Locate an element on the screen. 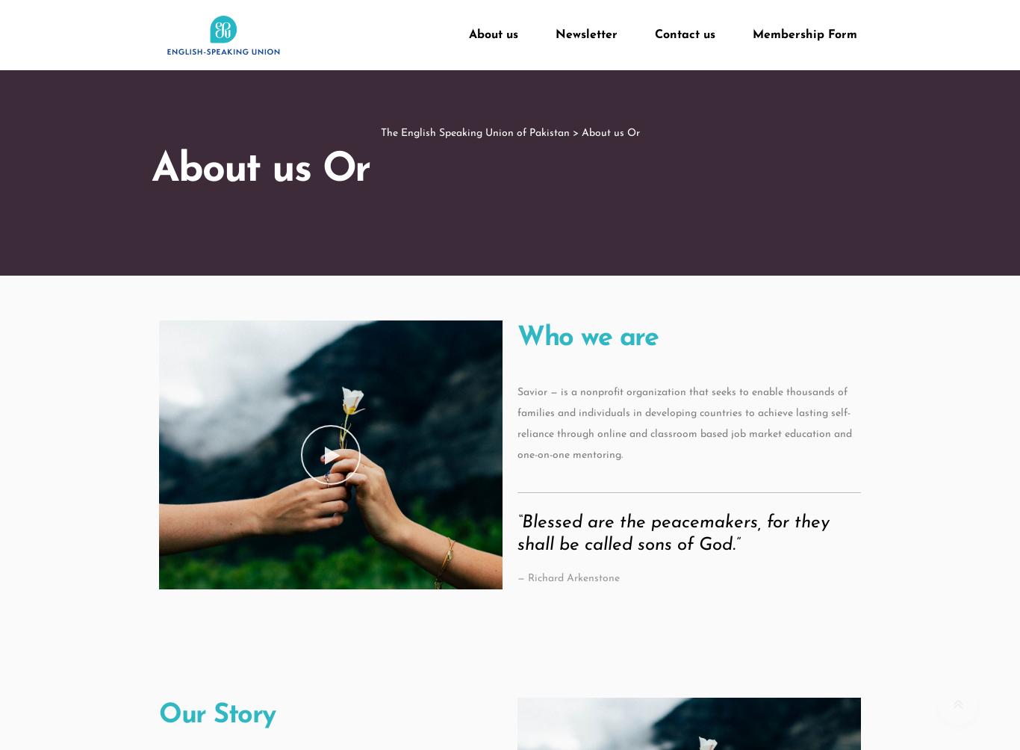 The width and height of the screenshot is (1020, 750). 'Past Presidents' is located at coordinates (529, 150).